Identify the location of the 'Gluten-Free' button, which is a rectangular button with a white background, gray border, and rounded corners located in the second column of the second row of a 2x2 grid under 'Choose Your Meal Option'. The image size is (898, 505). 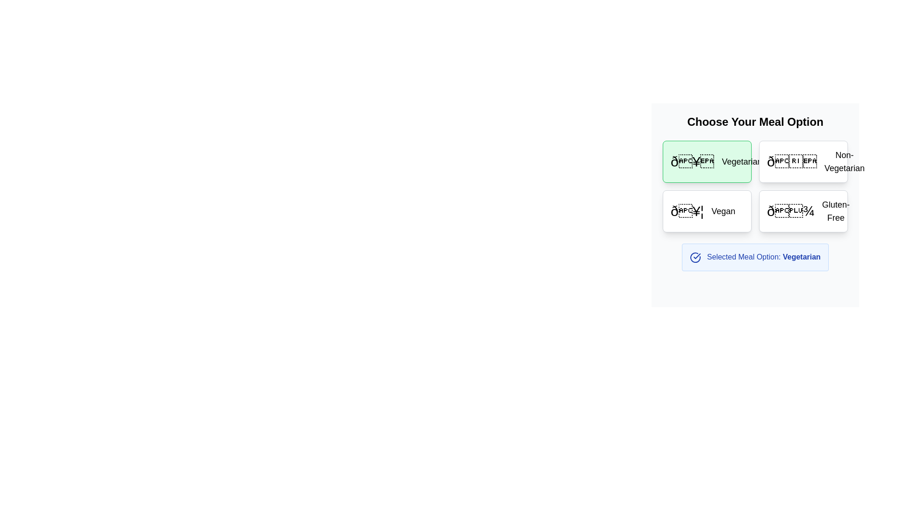
(803, 211).